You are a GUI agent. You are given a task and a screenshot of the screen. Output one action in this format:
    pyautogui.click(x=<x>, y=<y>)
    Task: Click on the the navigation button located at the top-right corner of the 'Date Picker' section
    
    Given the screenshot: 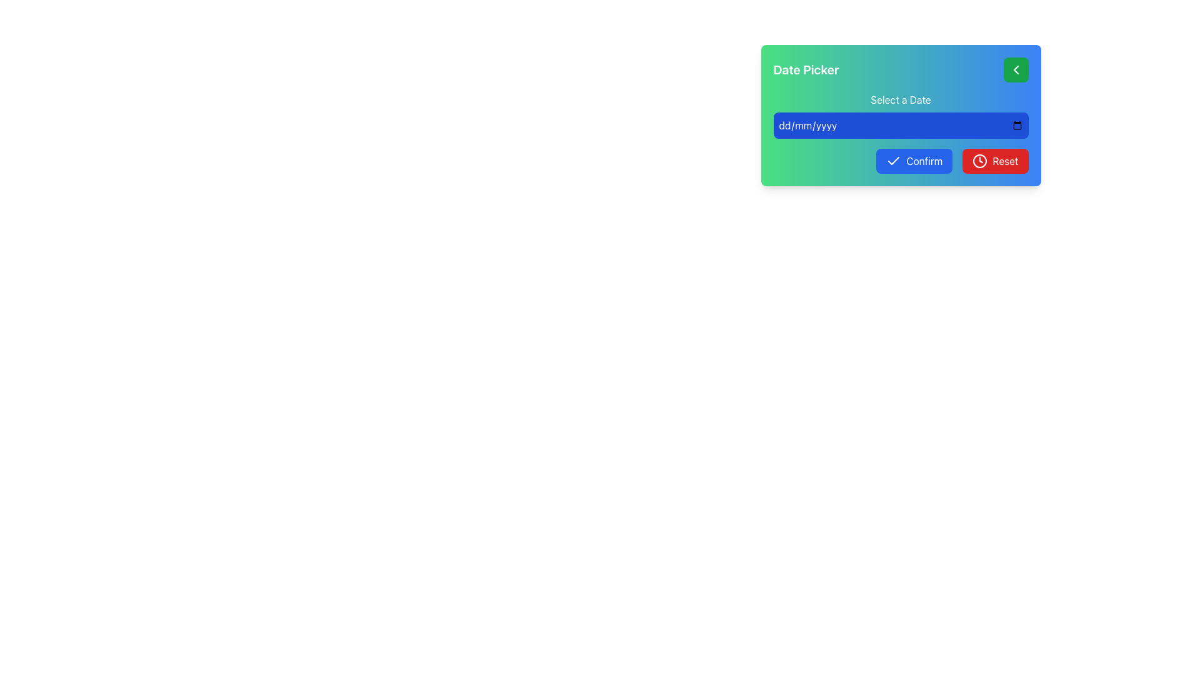 What is the action you would take?
    pyautogui.click(x=1016, y=69)
    